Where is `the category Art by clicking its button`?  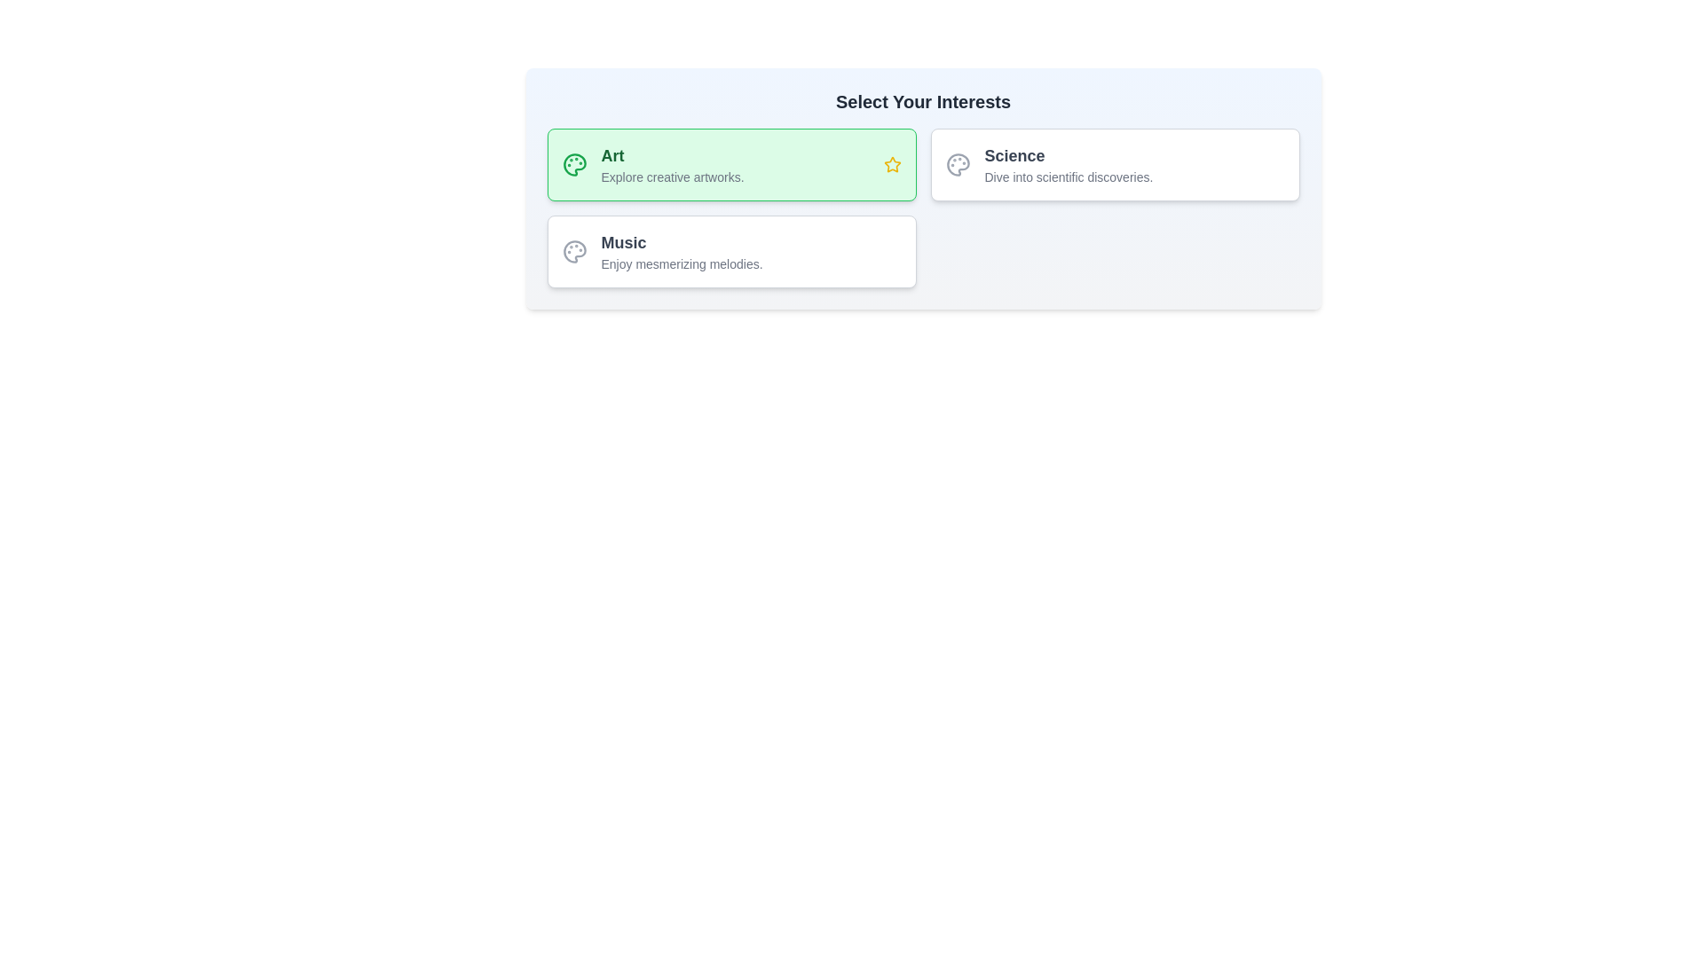
the category Art by clicking its button is located at coordinates (731, 164).